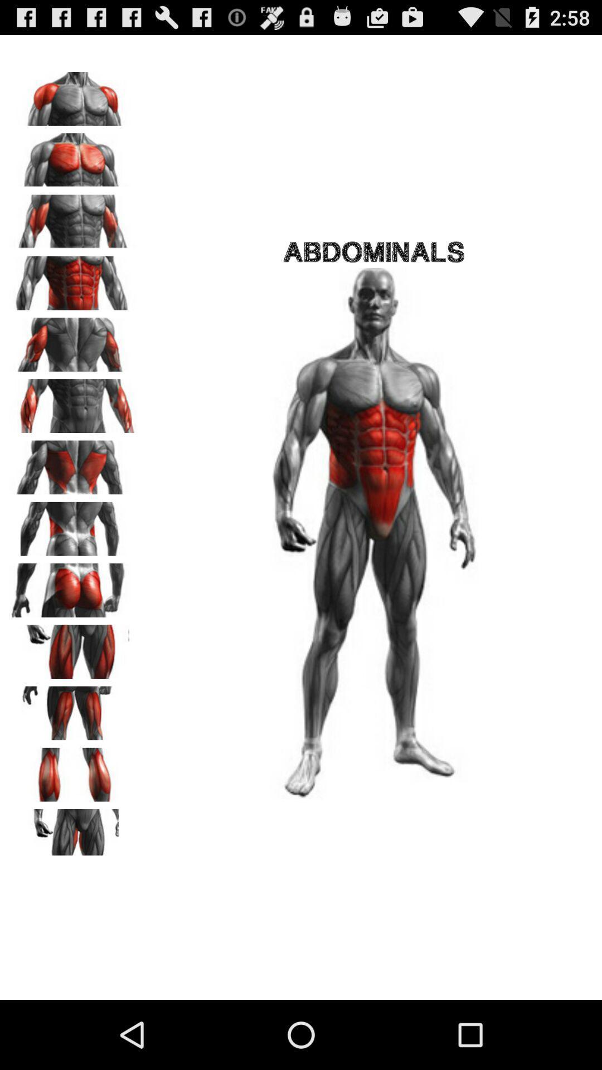 Image resolution: width=602 pixels, height=1070 pixels. I want to click on the font icon, so click(73, 758).